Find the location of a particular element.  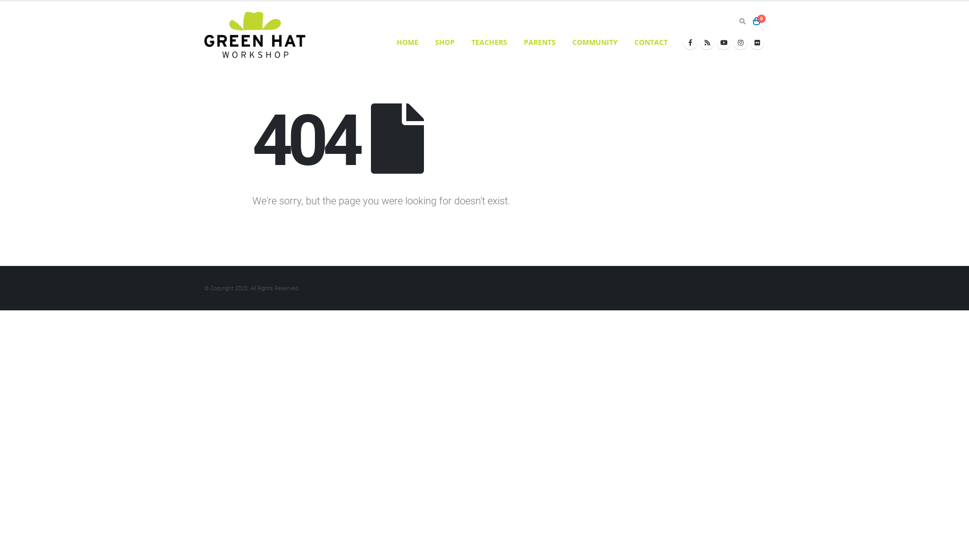

'Instagram' is located at coordinates (740, 42).